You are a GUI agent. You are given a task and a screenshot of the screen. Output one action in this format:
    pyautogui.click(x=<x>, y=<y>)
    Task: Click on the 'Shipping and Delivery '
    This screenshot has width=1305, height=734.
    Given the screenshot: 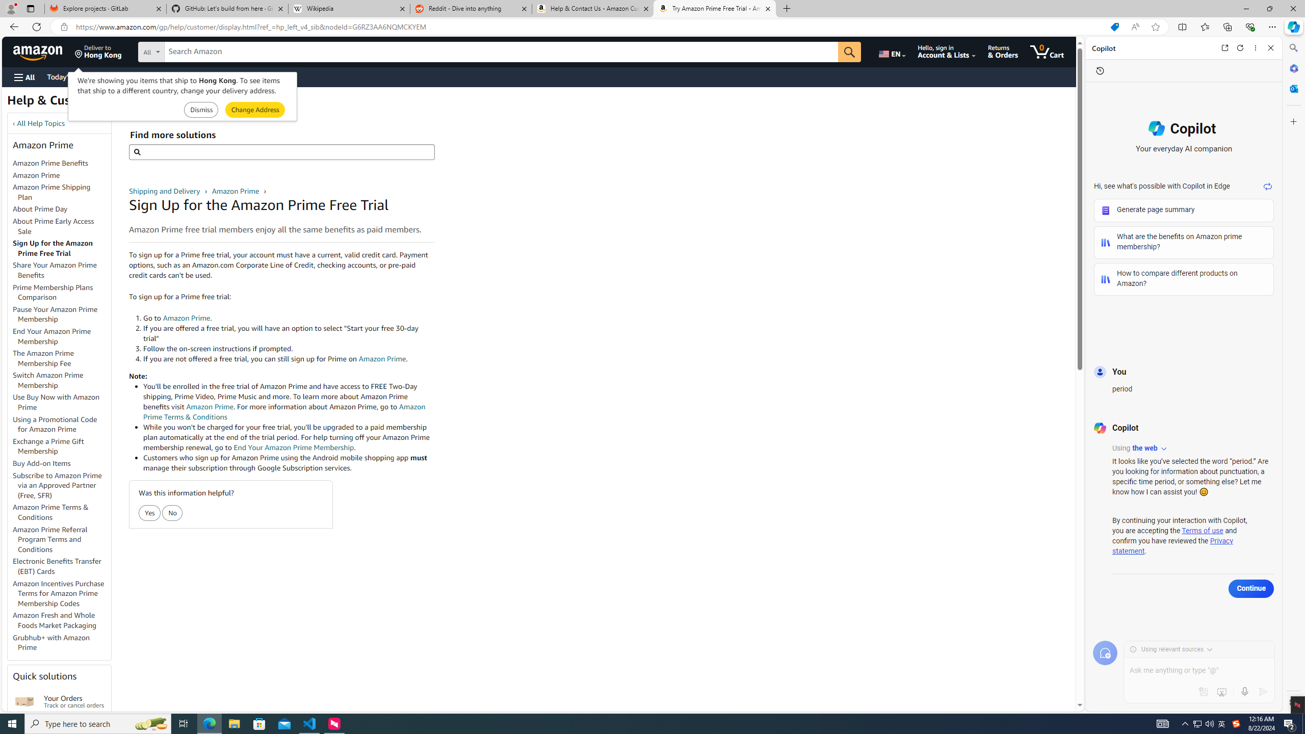 What is the action you would take?
    pyautogui.click(x=166, y=191)
    